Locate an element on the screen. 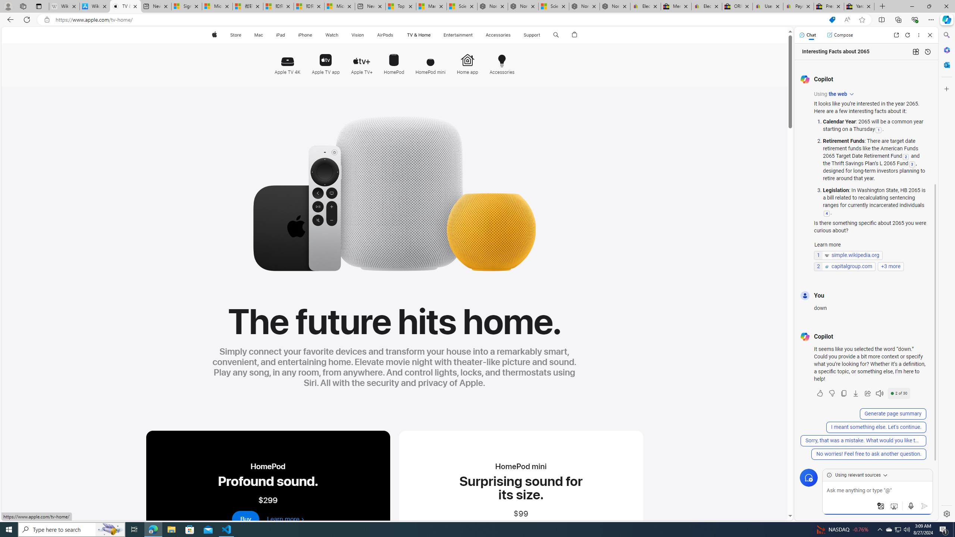 The width and height of the screenshot is (955, 537). 'iPhone menu' is located at coordinates (313, 35).